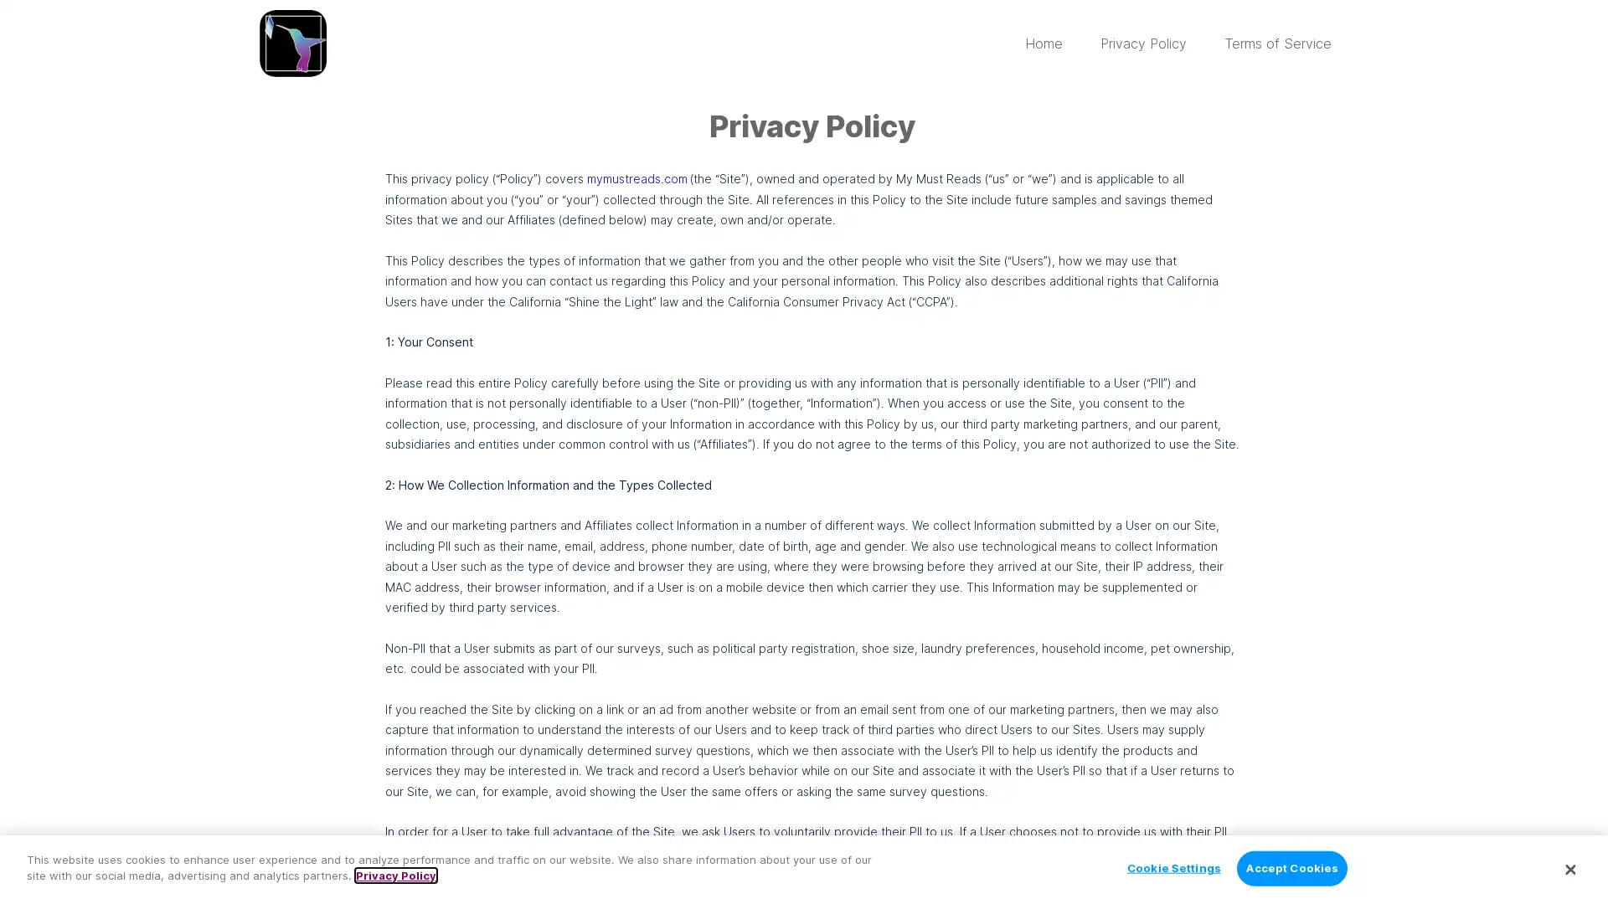  Describe the element at coordinates (1291, 867) in the screenshot. I see `Accept Cookies` at that location.